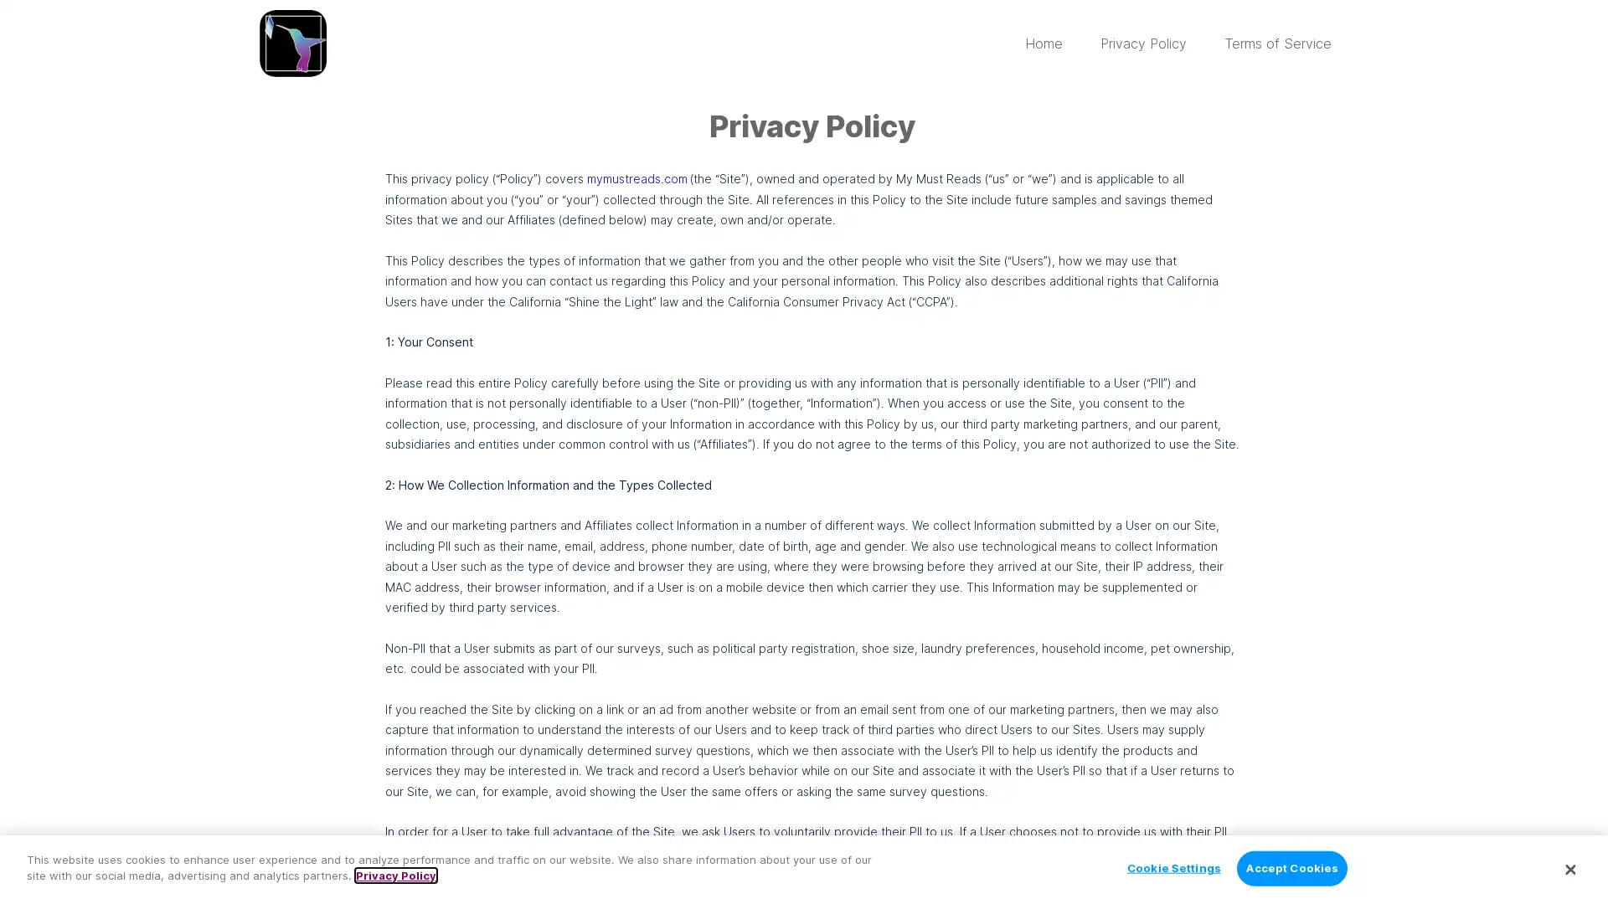  Describe the element at coordinates (1291, 867) in the screenshot. I see `Accept Cookies` at that location.